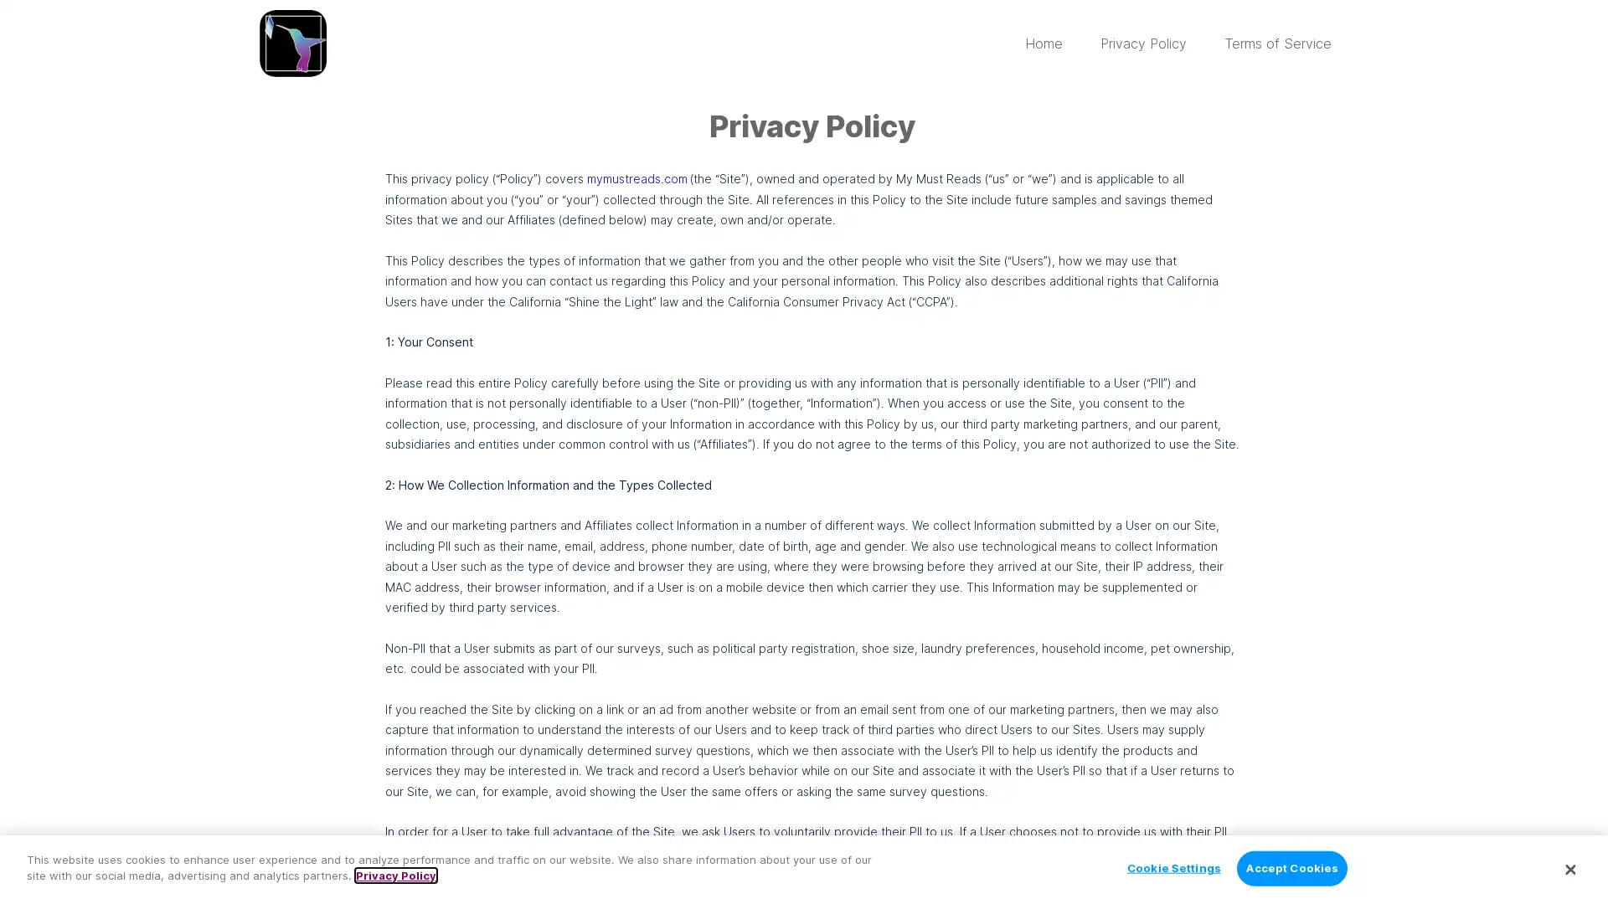  Describe the element at coordinates (1291, 867) in the screenshot. I see `Accept Cookies` at that location.